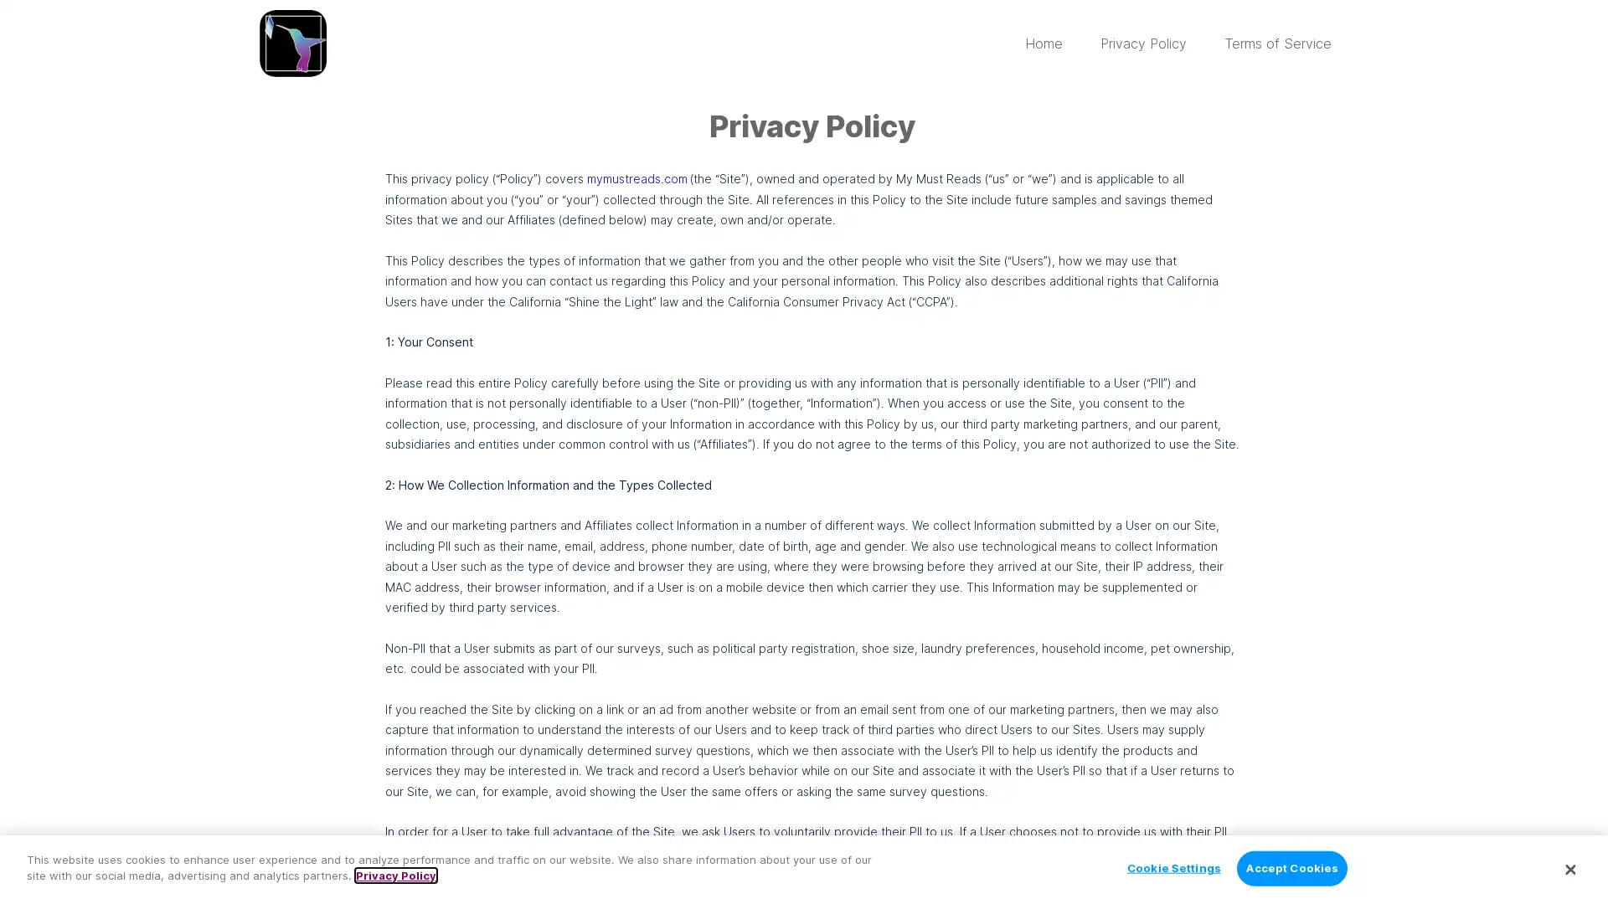  Describe the element at coordinates (1291, 867) in the screenshot. I see `Accept Cookies` at that location.